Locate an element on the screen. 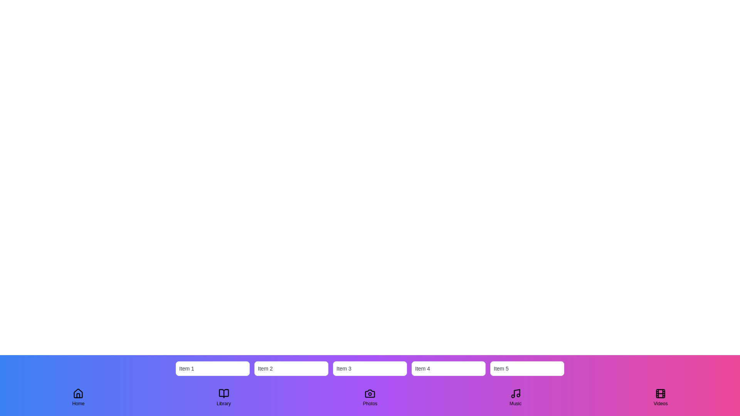 The height and width of the screenshot is (416, 740). the navigation tab labeled Music to observe visual feedback is located at coordinates (515, 398).